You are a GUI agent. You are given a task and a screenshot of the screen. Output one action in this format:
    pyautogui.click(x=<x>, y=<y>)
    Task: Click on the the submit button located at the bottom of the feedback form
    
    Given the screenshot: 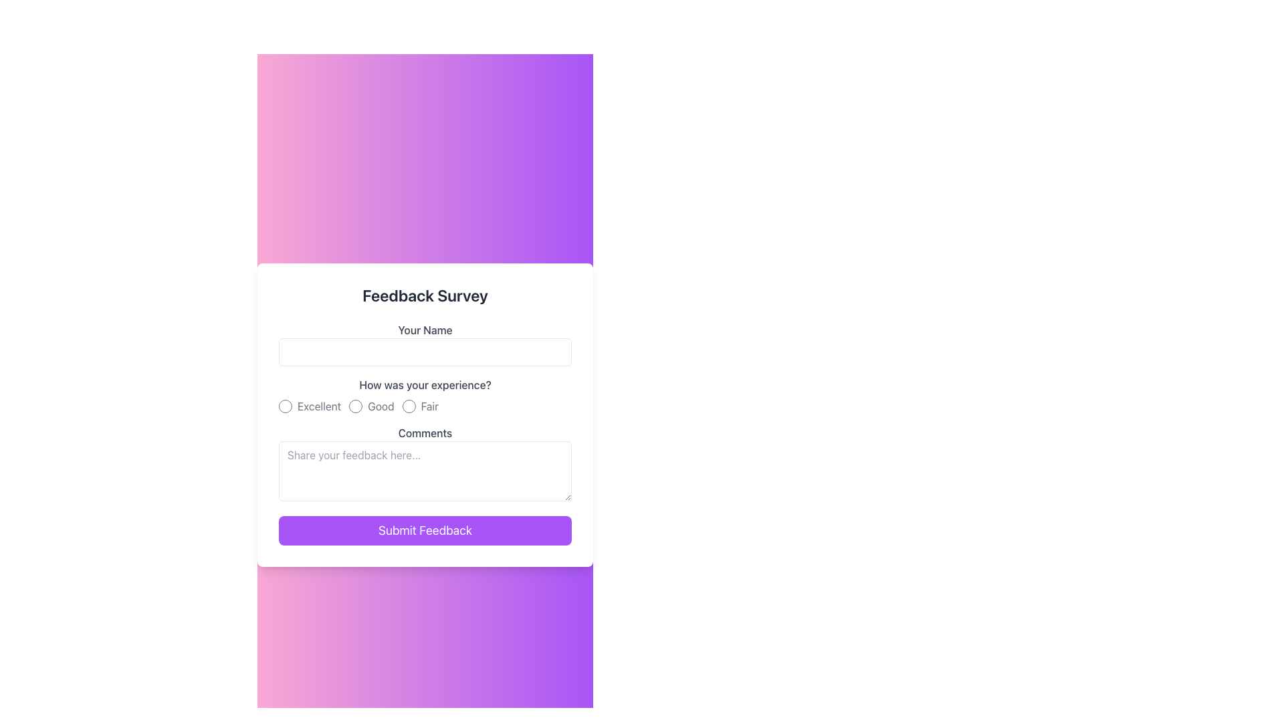 What is the action you would take?
    pyautogui.click(x=424, y=530)
    